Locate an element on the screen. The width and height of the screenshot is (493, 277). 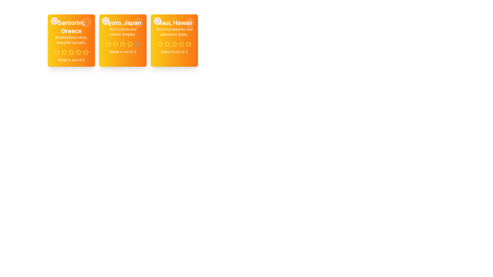
the first star icon in the rating row for 'Santorini, Greece' is located at coordinates (57, 52).